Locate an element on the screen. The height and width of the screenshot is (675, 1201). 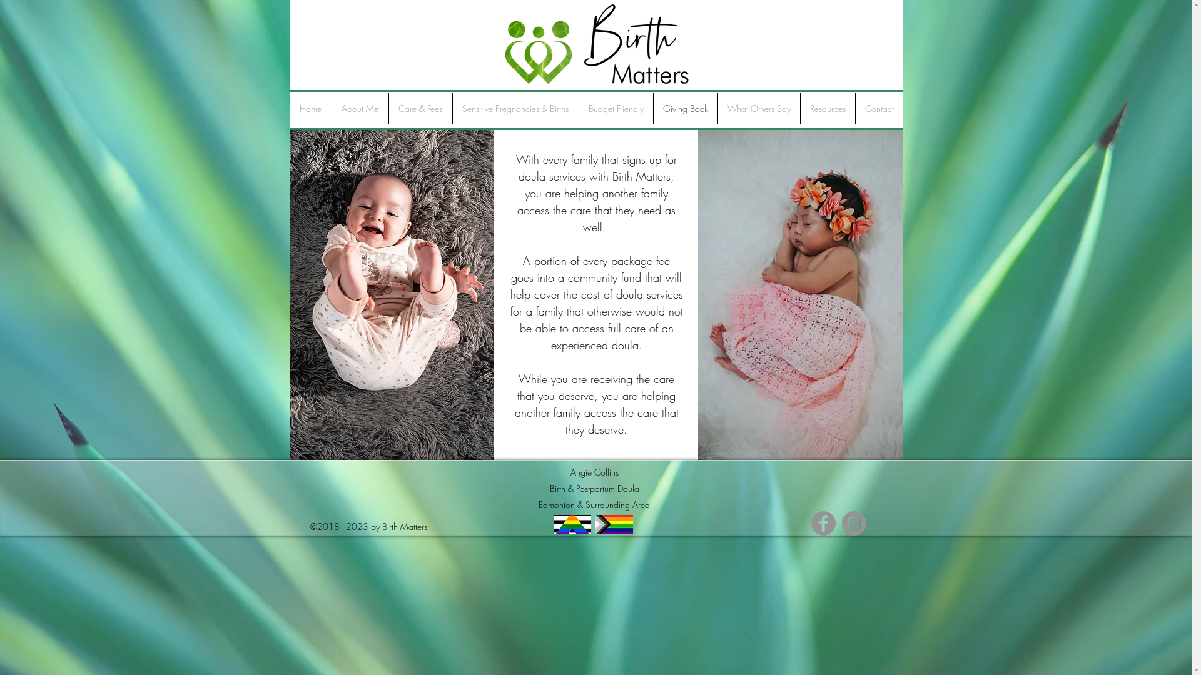
'Care & Fees' is located at coordinates (420, 107).